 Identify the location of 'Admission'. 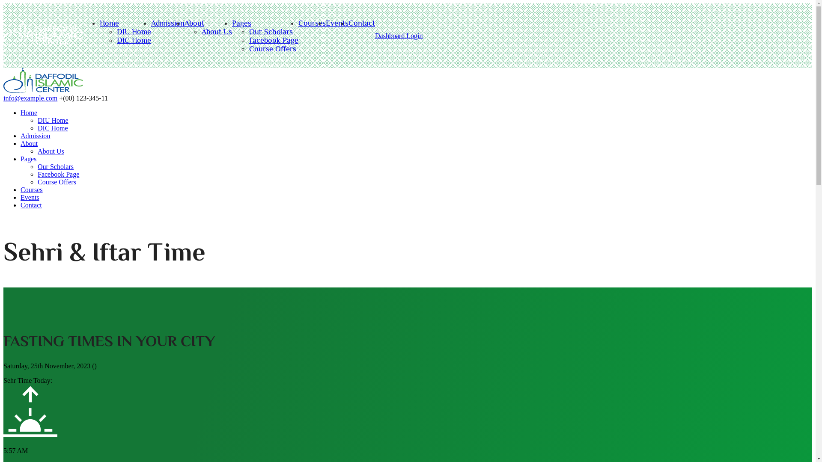
(35, 135).